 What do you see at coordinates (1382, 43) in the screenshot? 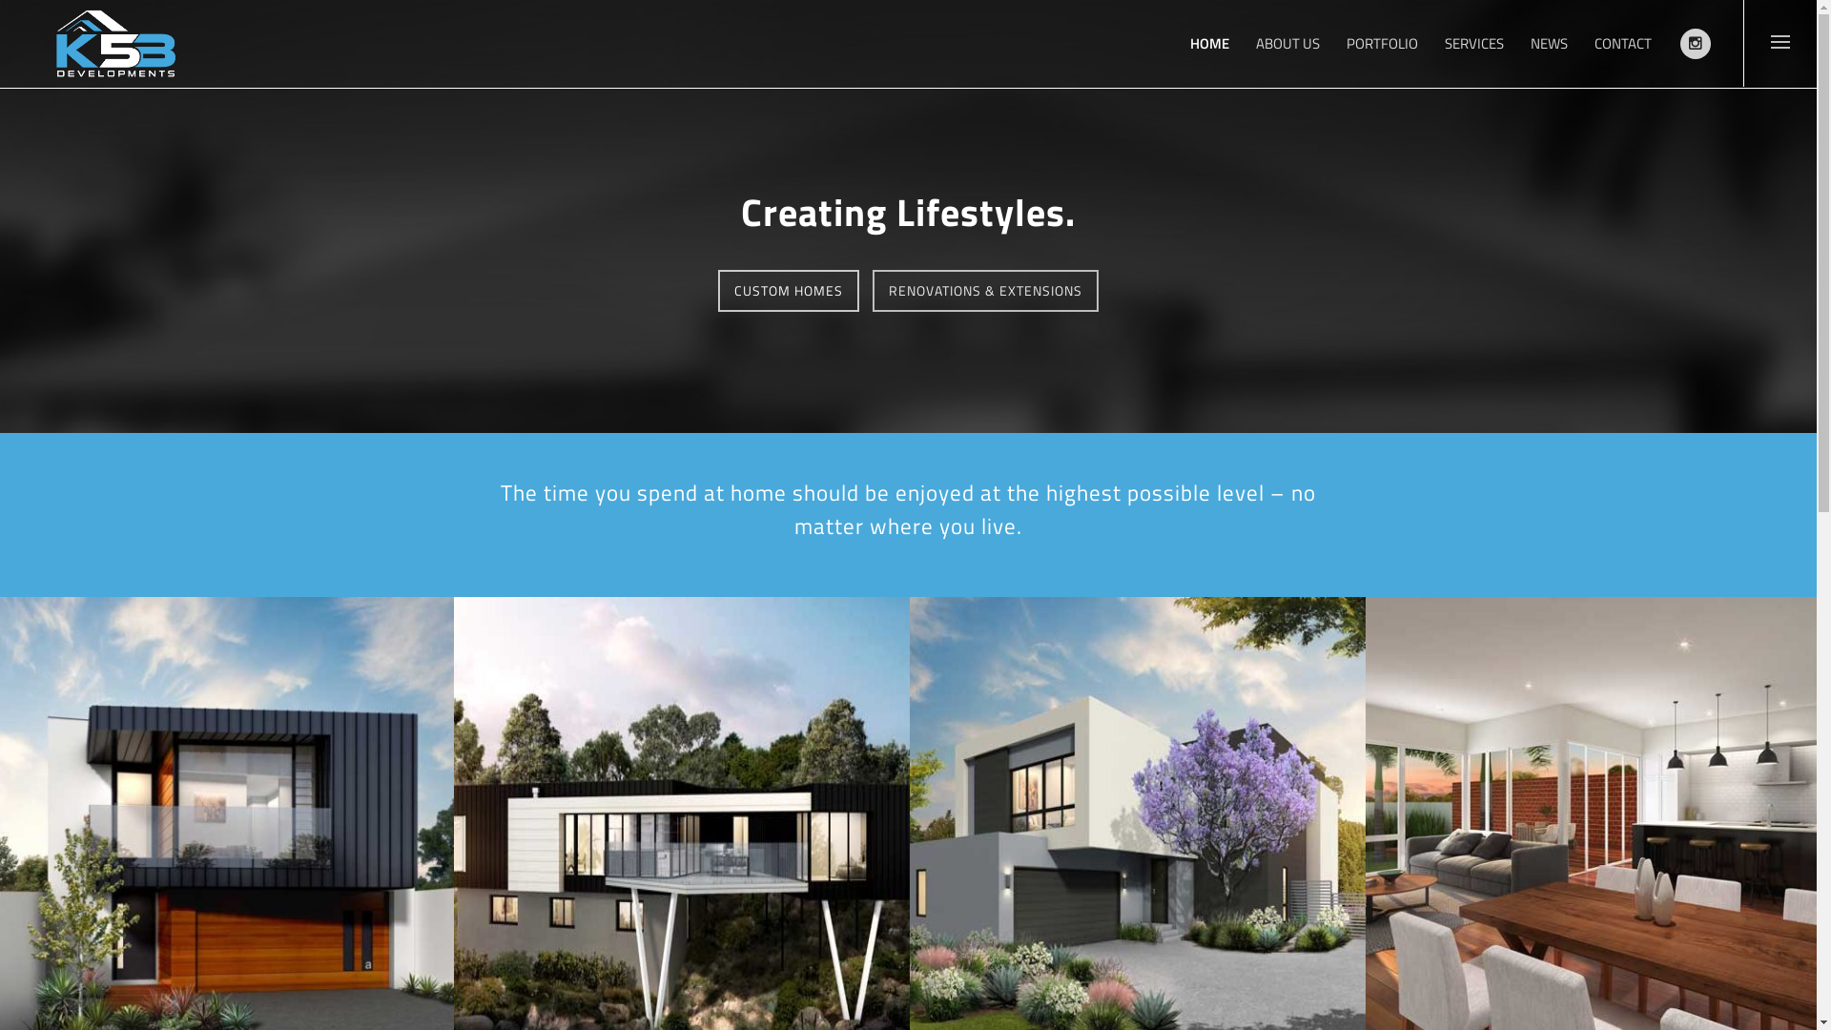
I see `'PORTFOLIO'` at bounding box center [1382, 43].